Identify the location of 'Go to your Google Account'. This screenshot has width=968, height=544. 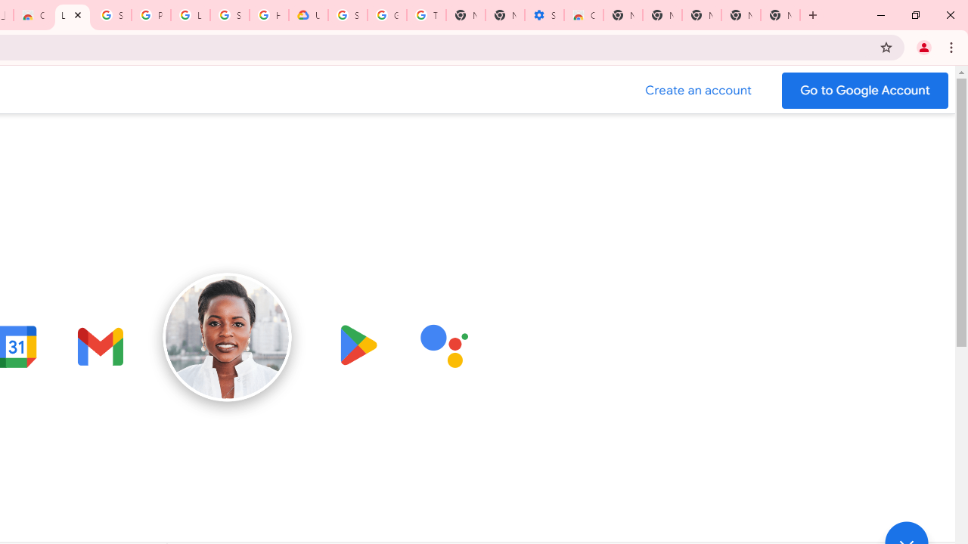
(865, 90).